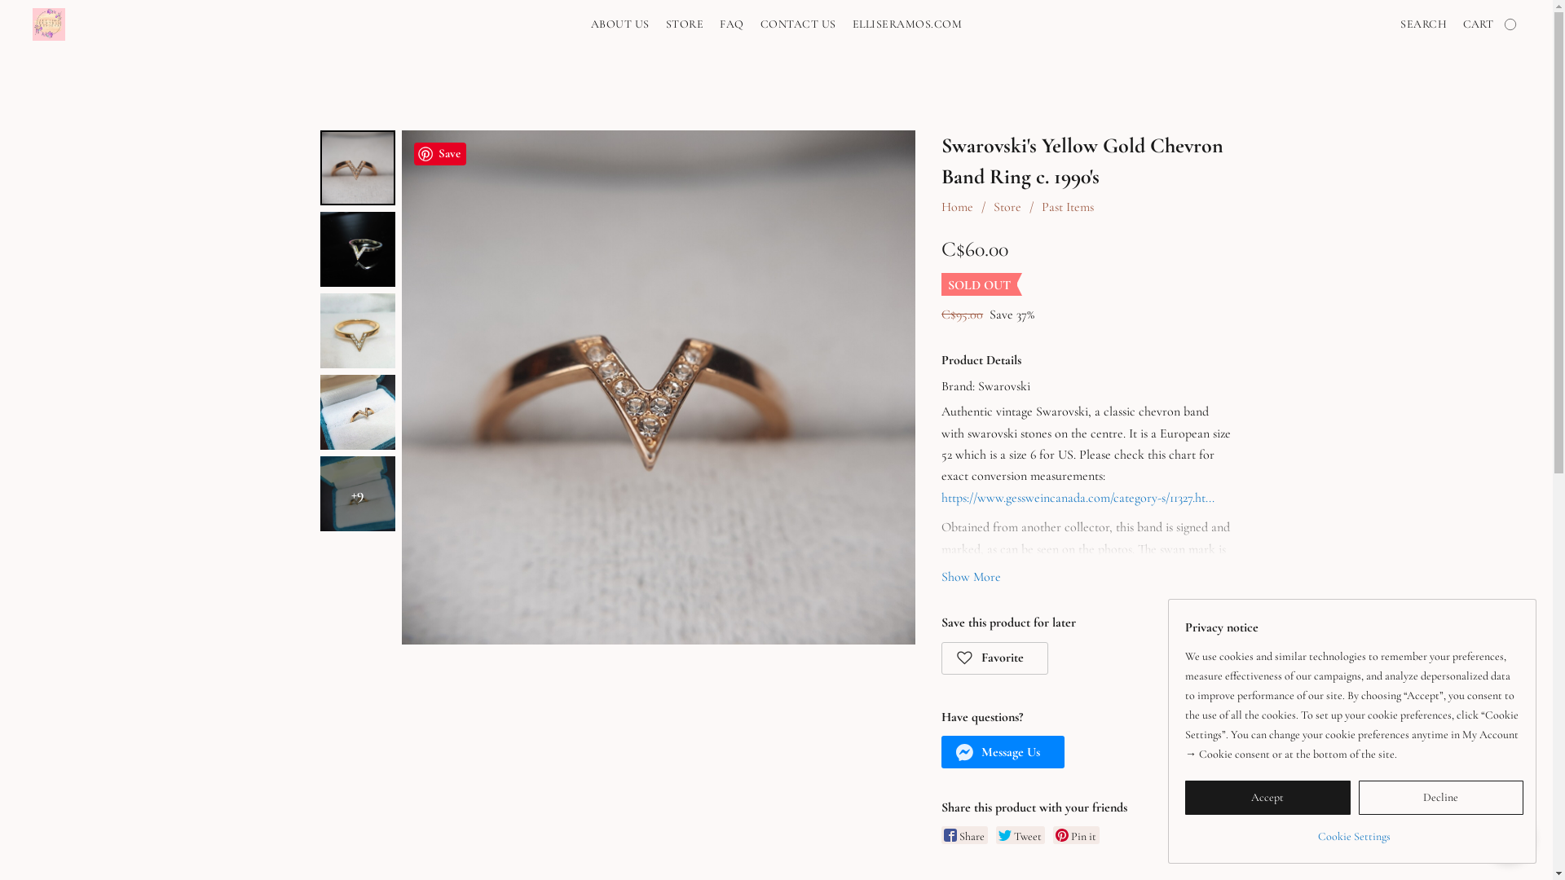 The width and height of the screenshot is (1565, 880). Describe the element at coordinates (1422, 24) in the screenshot. I see `'SEARCH'` at that location.